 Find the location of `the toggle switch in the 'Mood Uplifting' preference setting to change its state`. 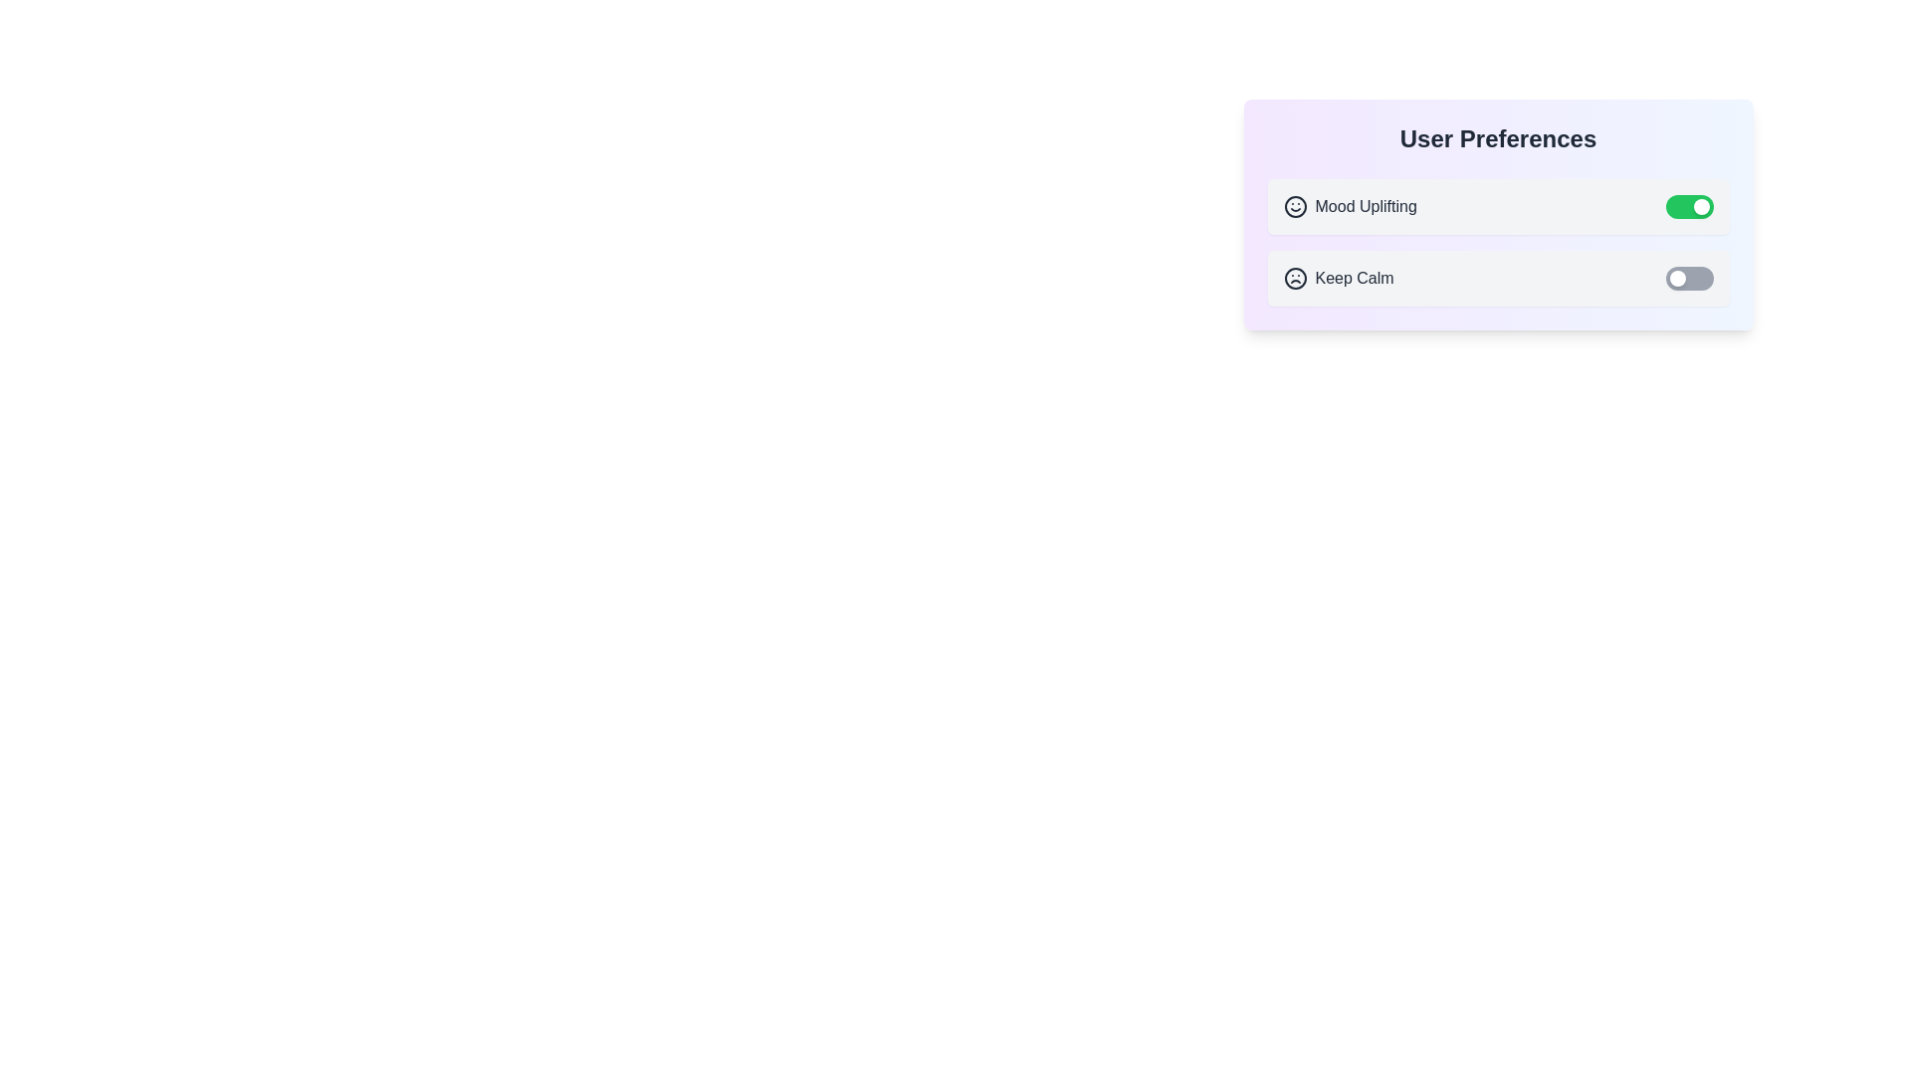

the toggle switch in the 'Mood Uplifting' preference setting to change its state is located at coordinates (1498, 207).